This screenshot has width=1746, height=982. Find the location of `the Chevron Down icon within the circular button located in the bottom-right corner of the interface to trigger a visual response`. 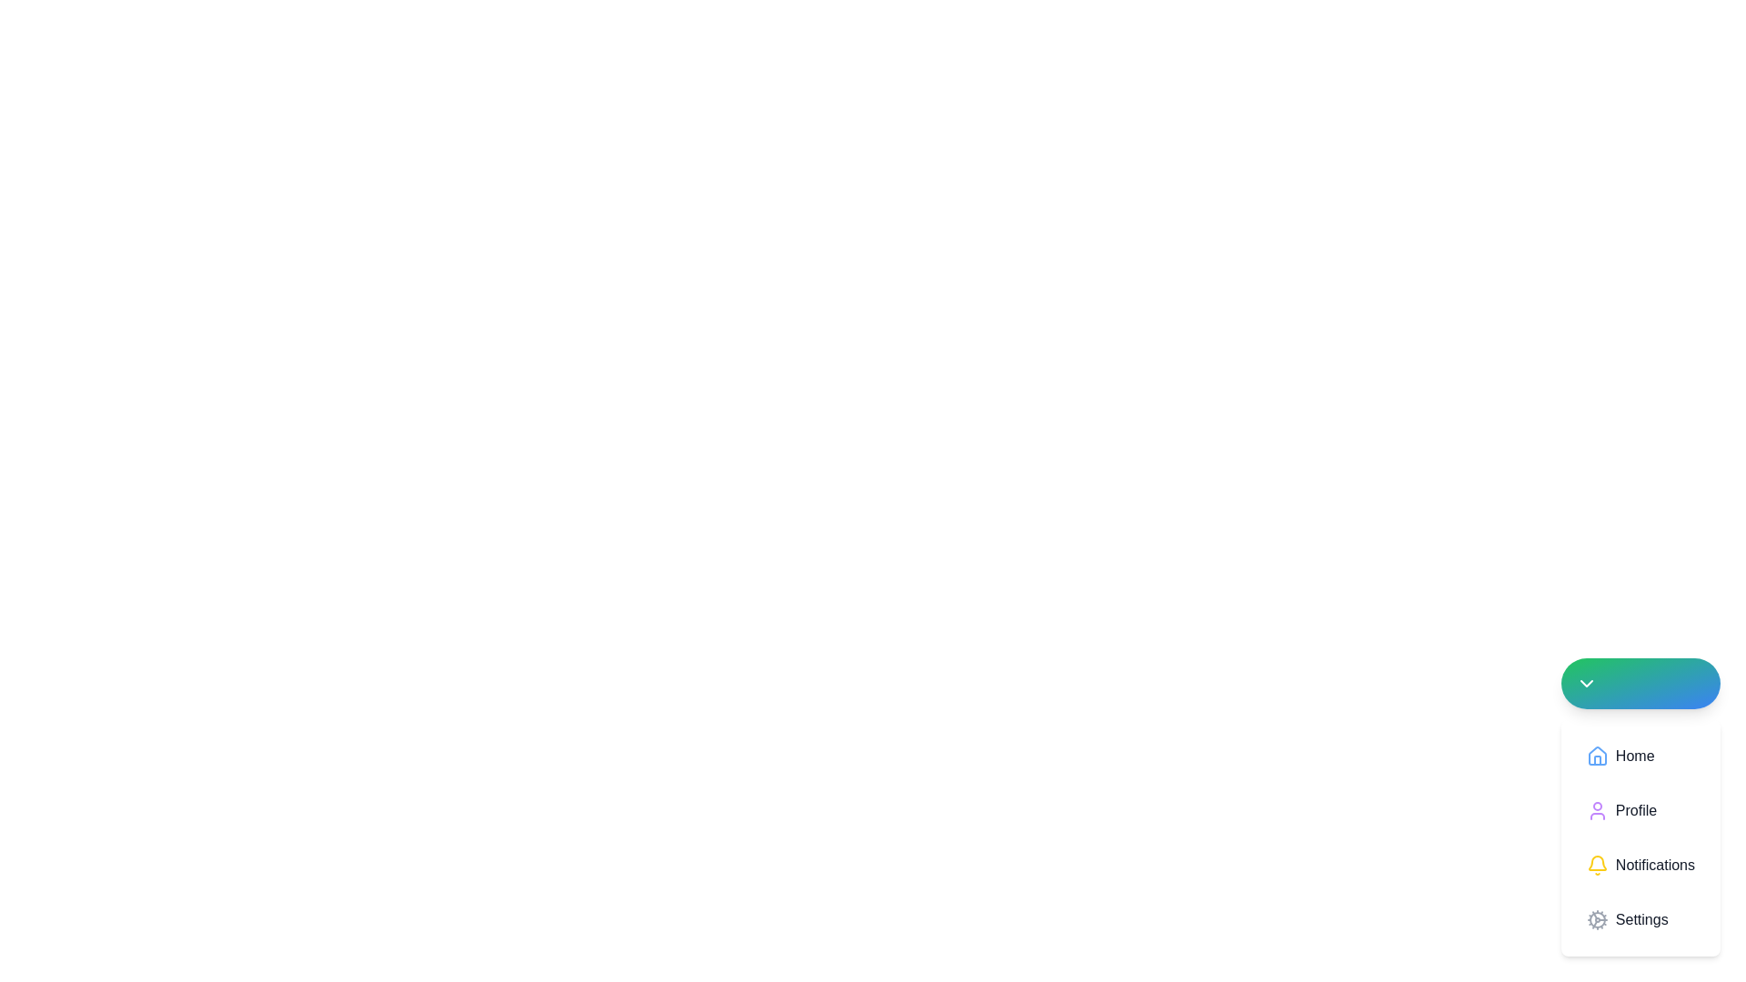

the Chevron Down icon within the circular button located in the bottom-right corner of the interface to trigger a visual response is located at coordinates (1585, 684).